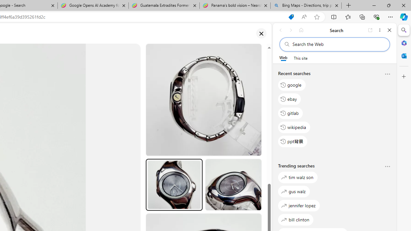 The width and height of the screenshot is (411, 231). Describe the element at coordinates (299, 205) in the screenshot. I see `'jennifer lopez'` at that location.